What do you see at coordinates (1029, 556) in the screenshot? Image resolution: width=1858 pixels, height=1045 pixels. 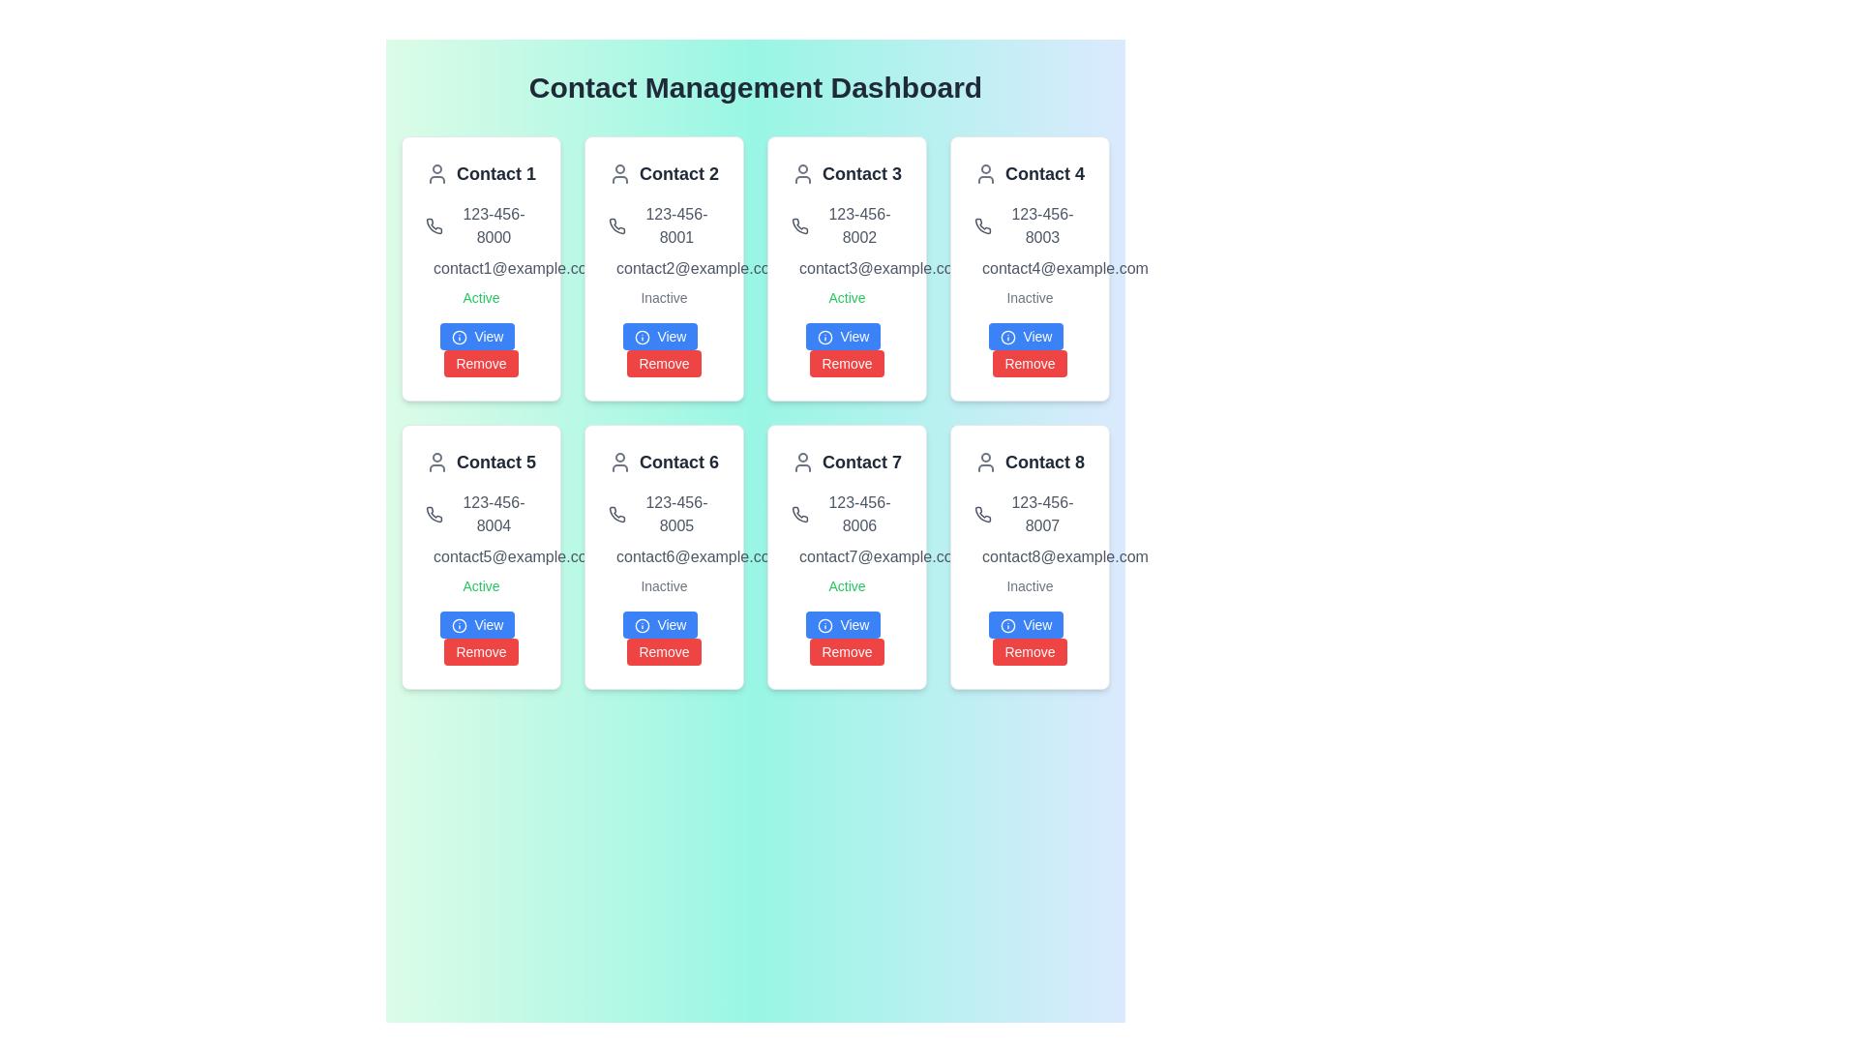 I see `the email address 'contact8@example.com' located within the contact card labeled 'Contact 8'` at bounding box center [1029, 556].